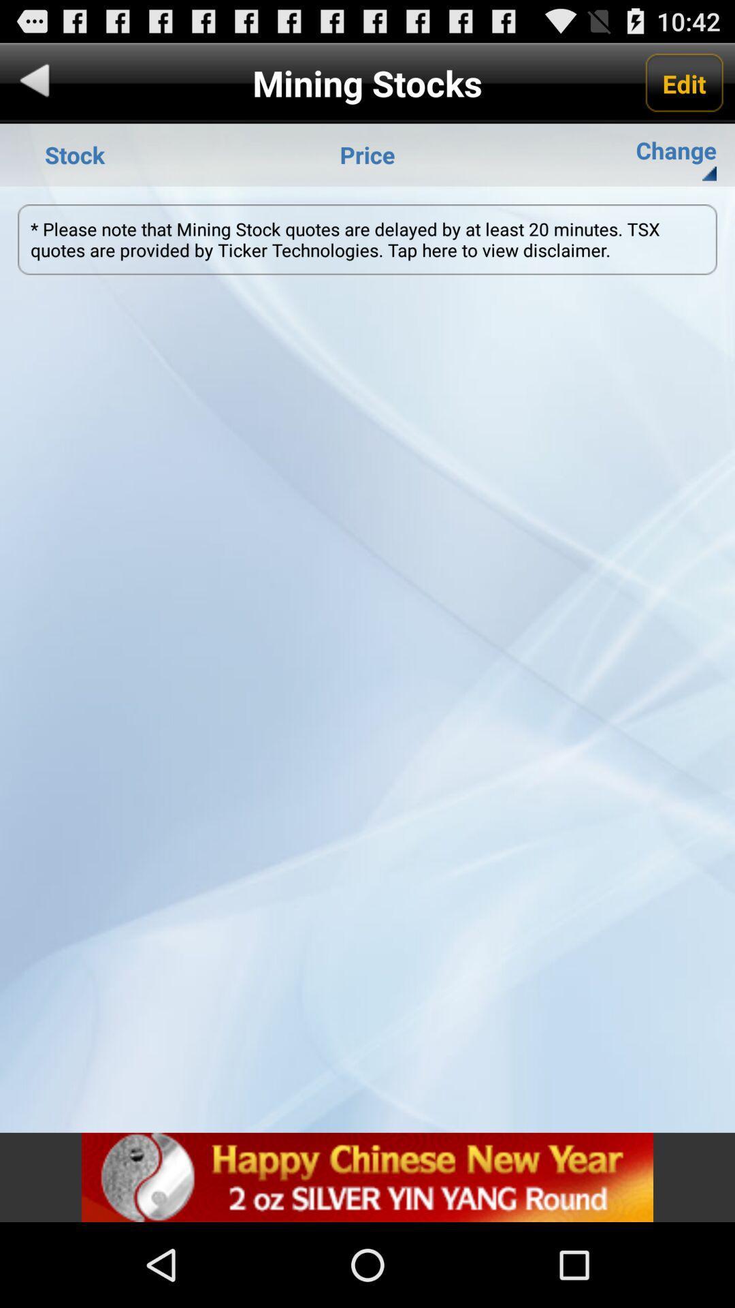 The height and width of the screenshot is (1308, 735). I want to click on go back, so click(34, 82).